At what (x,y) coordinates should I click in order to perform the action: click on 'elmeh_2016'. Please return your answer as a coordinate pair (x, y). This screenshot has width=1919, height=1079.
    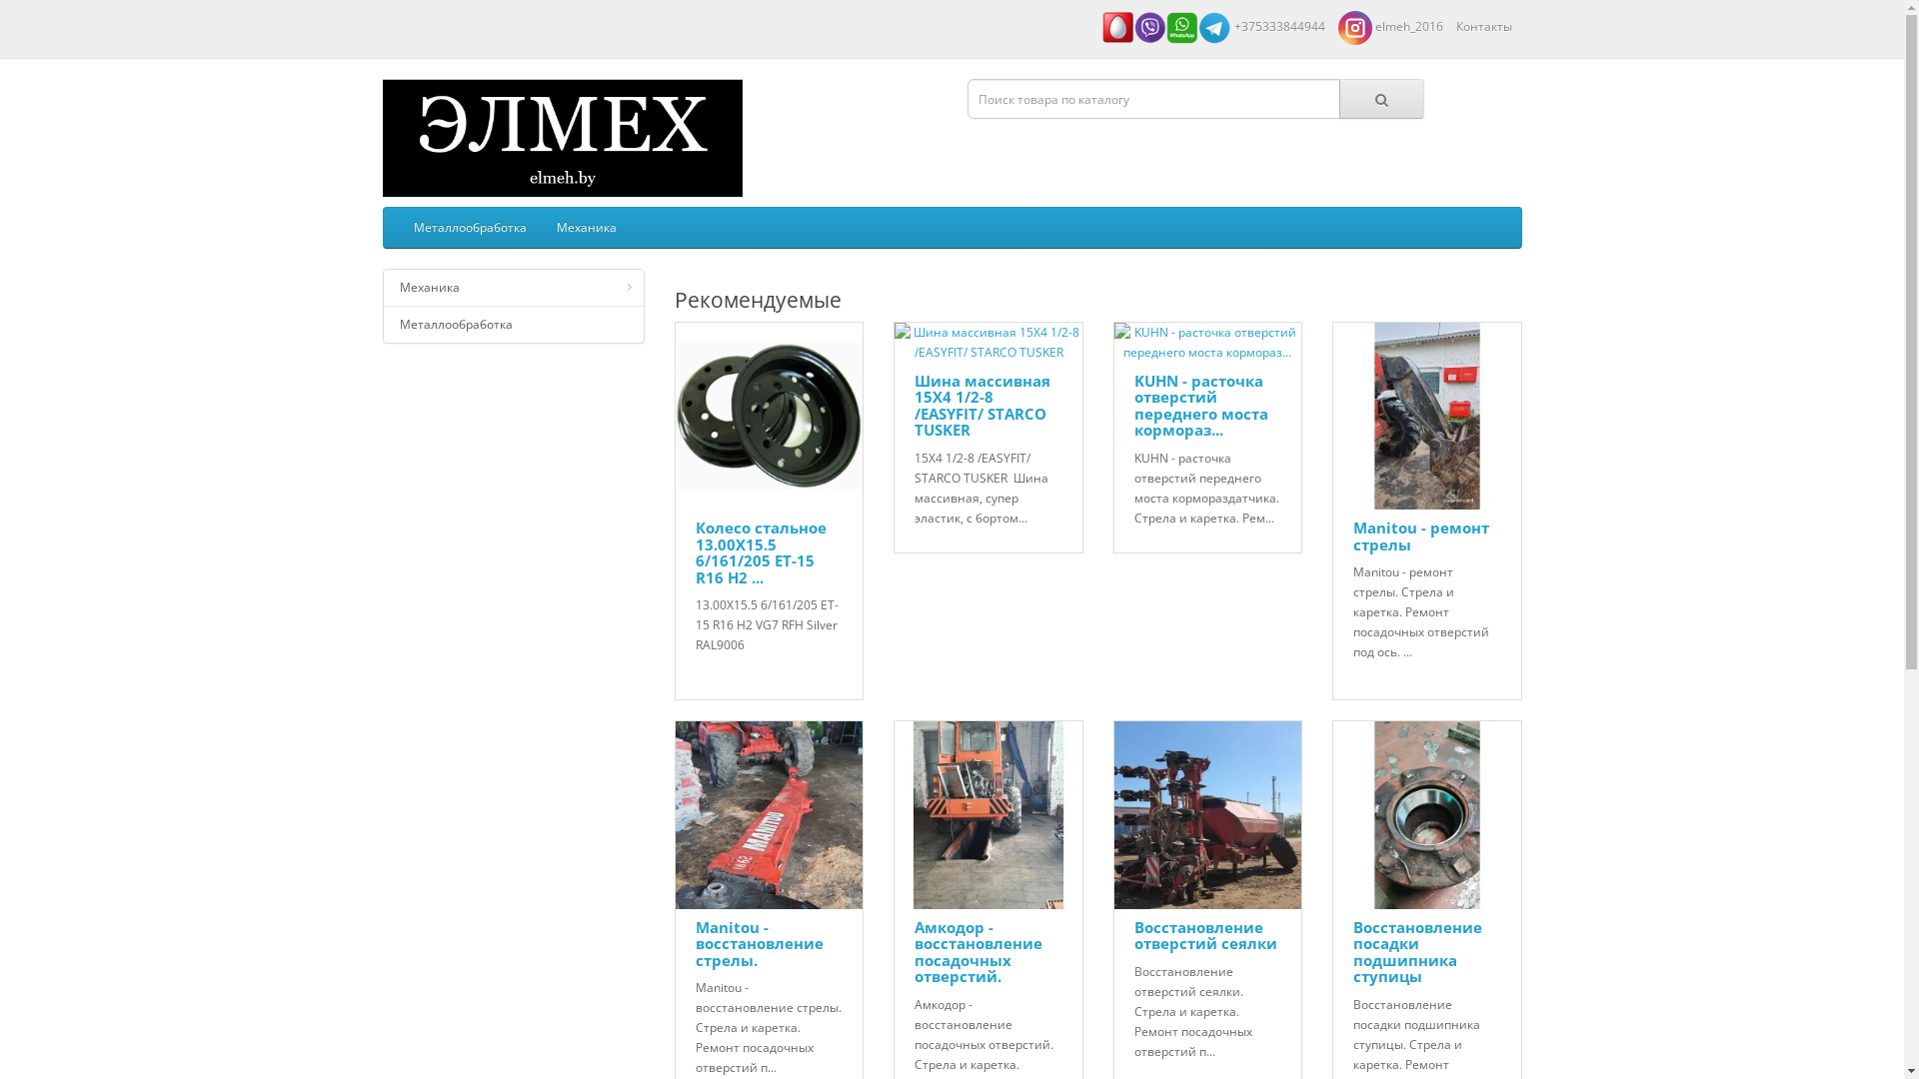
    Looking at the image, I should click on (1388, 26).